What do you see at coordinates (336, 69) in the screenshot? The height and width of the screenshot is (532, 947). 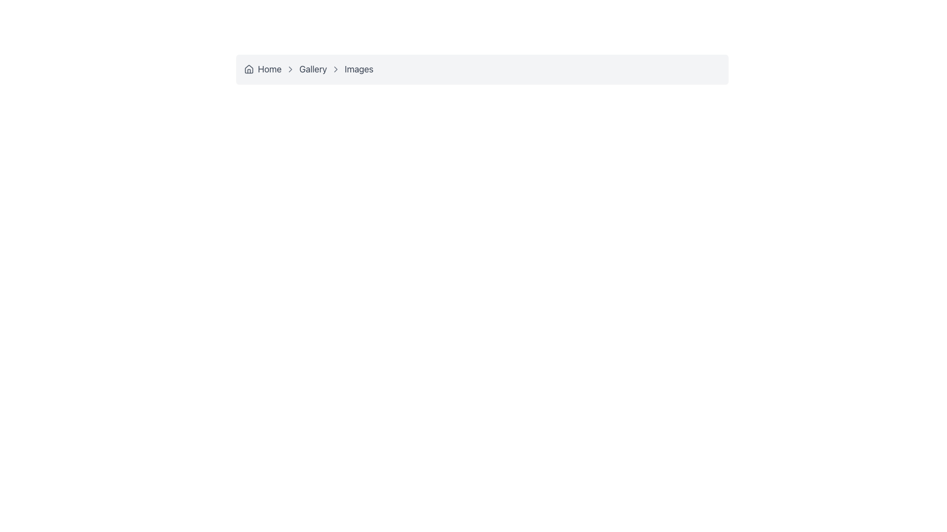 I see `the right-chevron icon in the breadcrumb navigation` at bounding box center [336, 69].